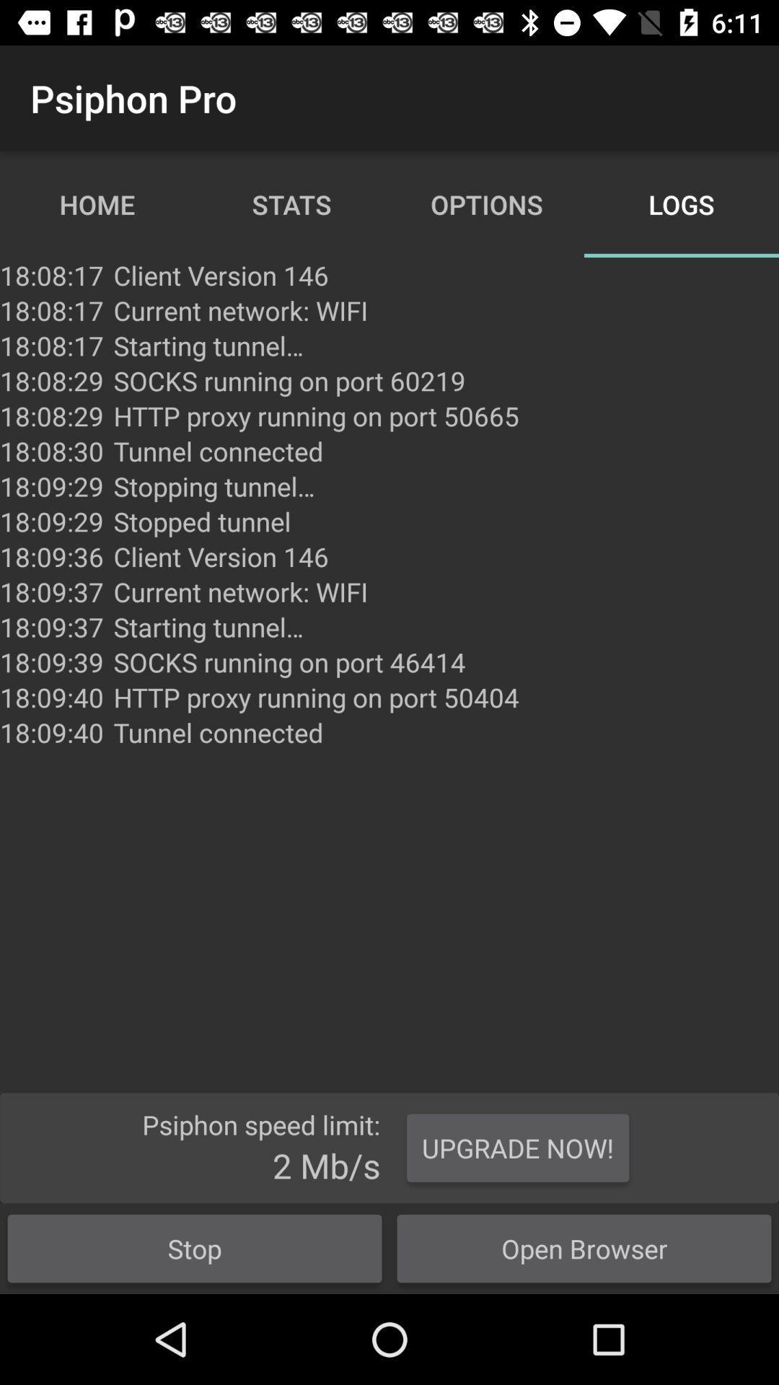 This screenshot has width=779, height=1385. What do you see at coordinates (214, 486) in the screenshot?
I see `item to the right of 18:08:30 item` at bounding box center [214, 486].